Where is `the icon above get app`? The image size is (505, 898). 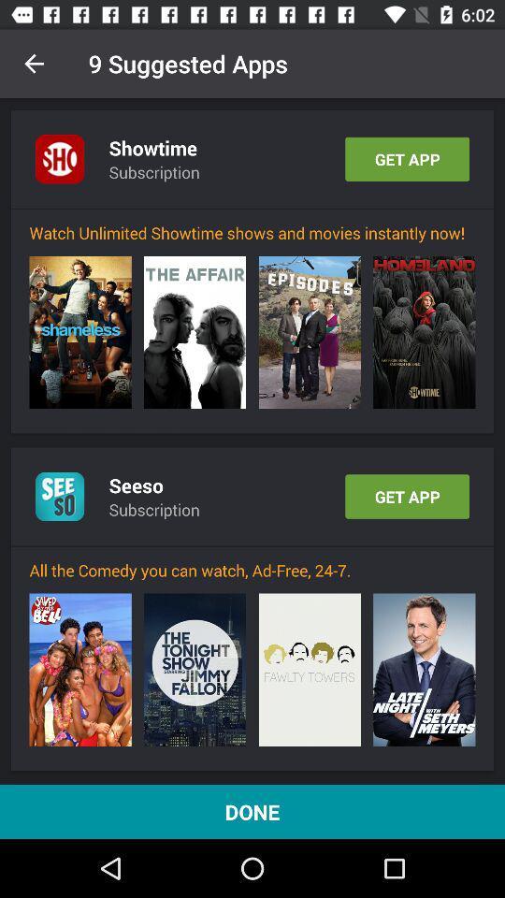 the icon above get app is located at coordinates (424, 332).